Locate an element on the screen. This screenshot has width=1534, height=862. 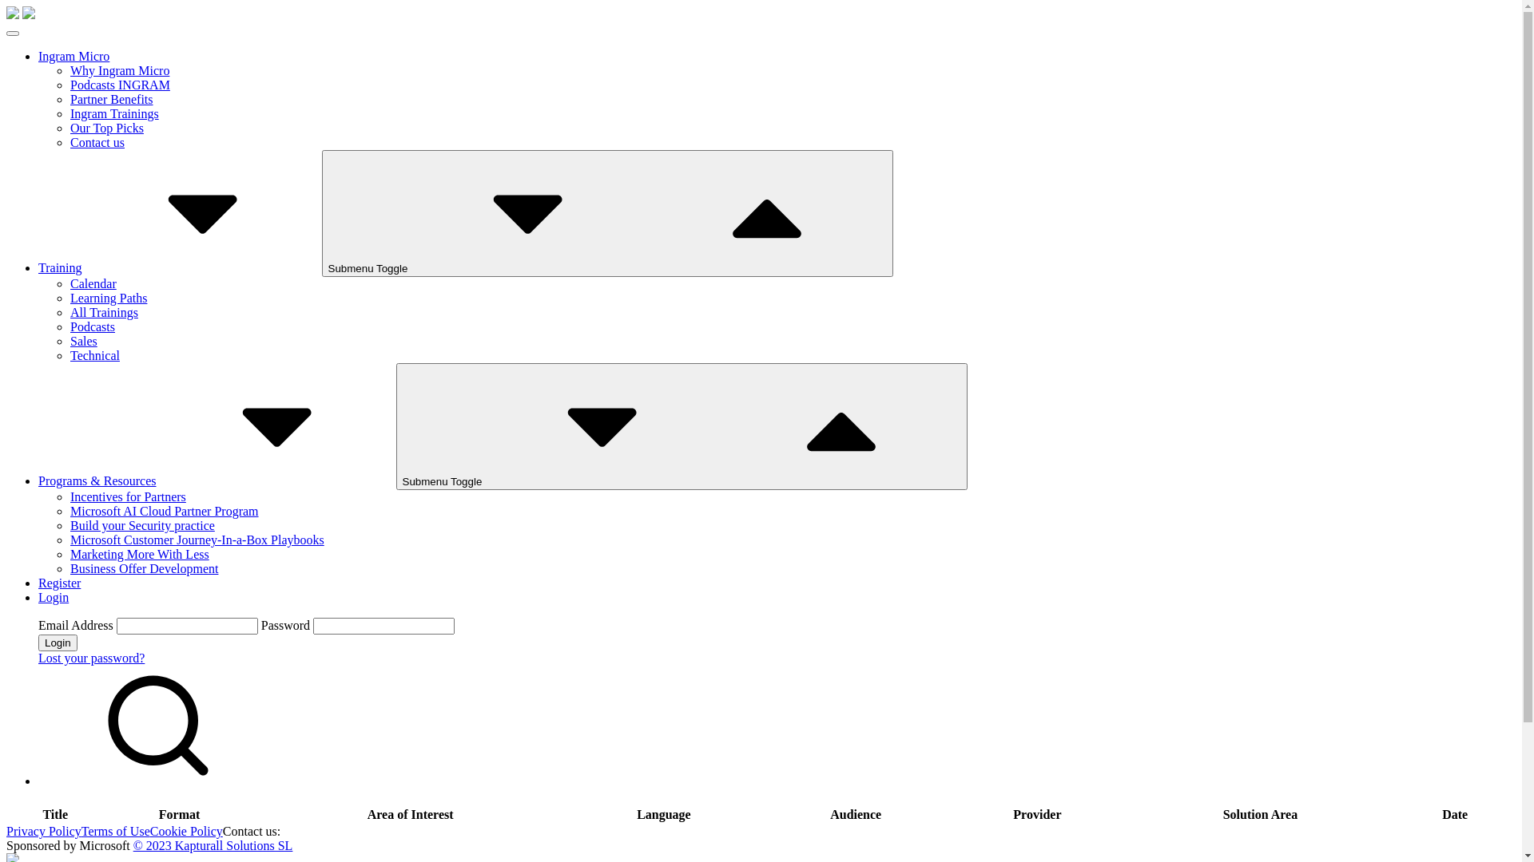
'Privacy Policy' is located at coordinates (43, 830).